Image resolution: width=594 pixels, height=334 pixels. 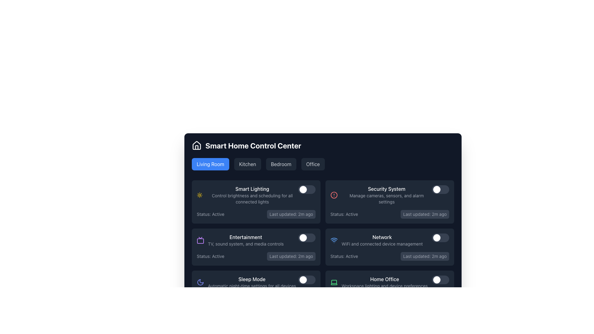 What do you see at coordinates (252, 195) in the screenshot?
I see `the informational text block displaying 'Smart Lighting' with a description below it, located in the upper-left portion of the grid under 'Smart Home Control Center'` at bounding box center [252, 195].